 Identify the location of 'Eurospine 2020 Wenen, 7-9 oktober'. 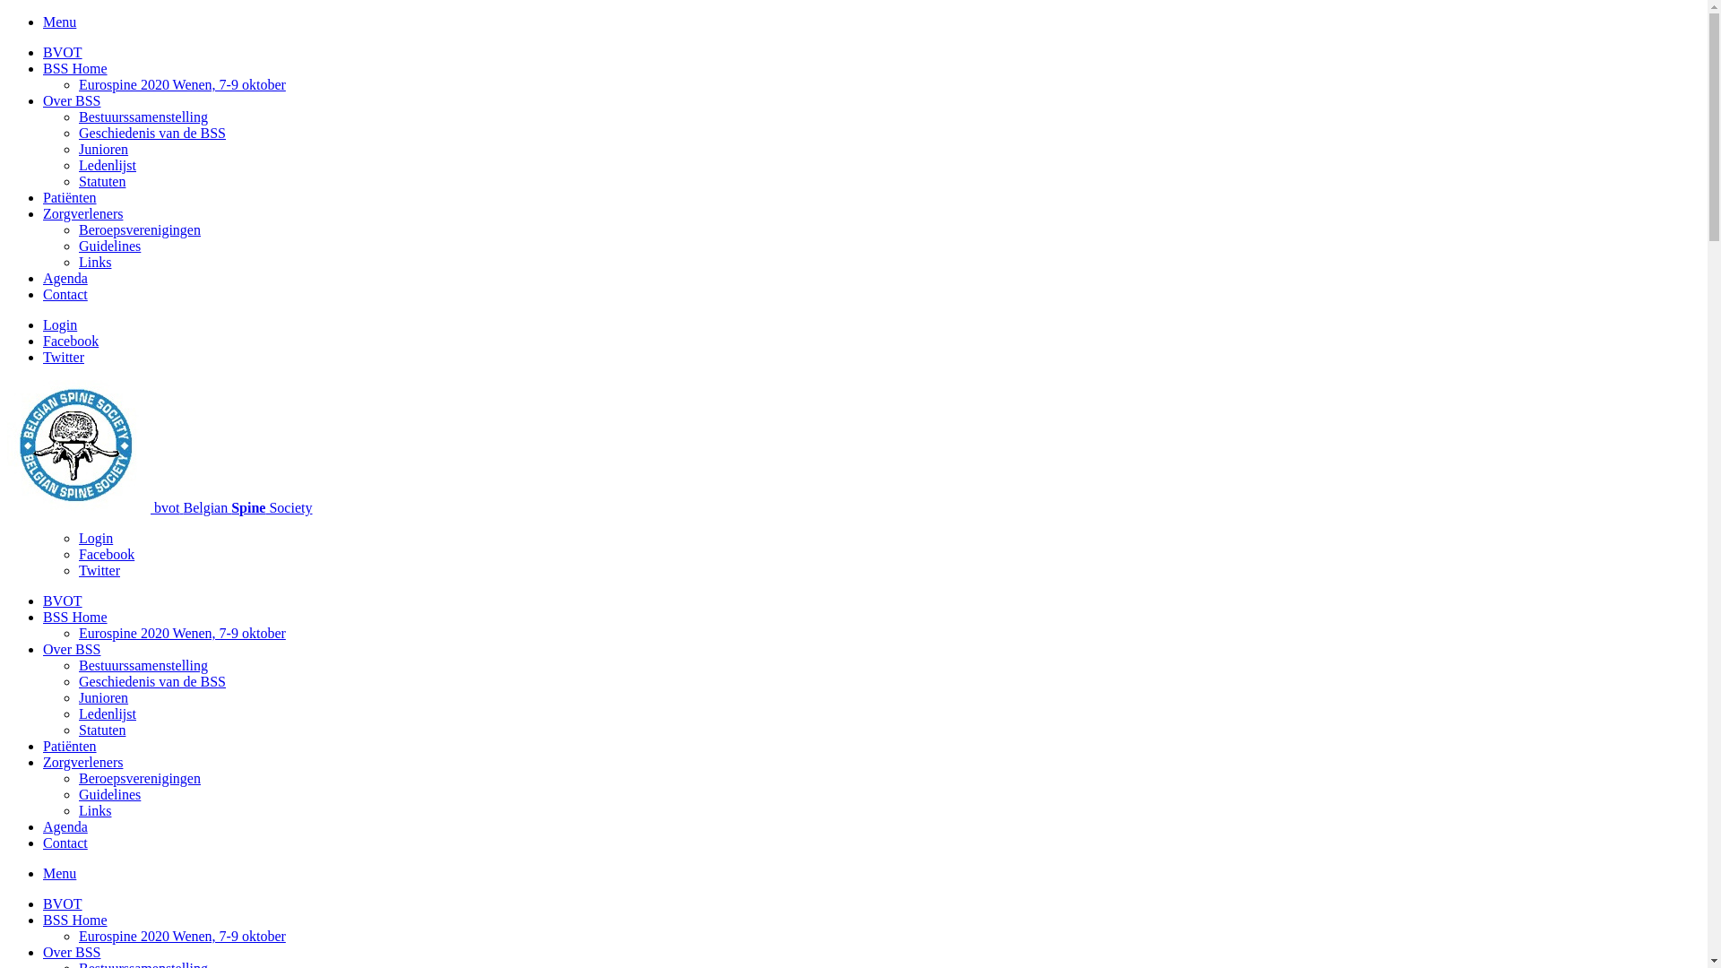
(182, 84).